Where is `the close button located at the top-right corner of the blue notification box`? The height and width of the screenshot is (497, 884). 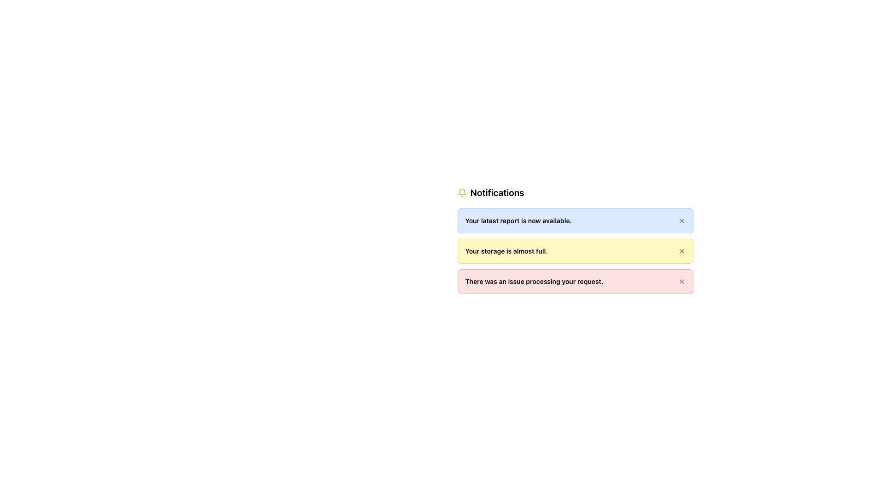 the close button located at the top-right corner of the blue notification box is located at coordinates (681, 220).